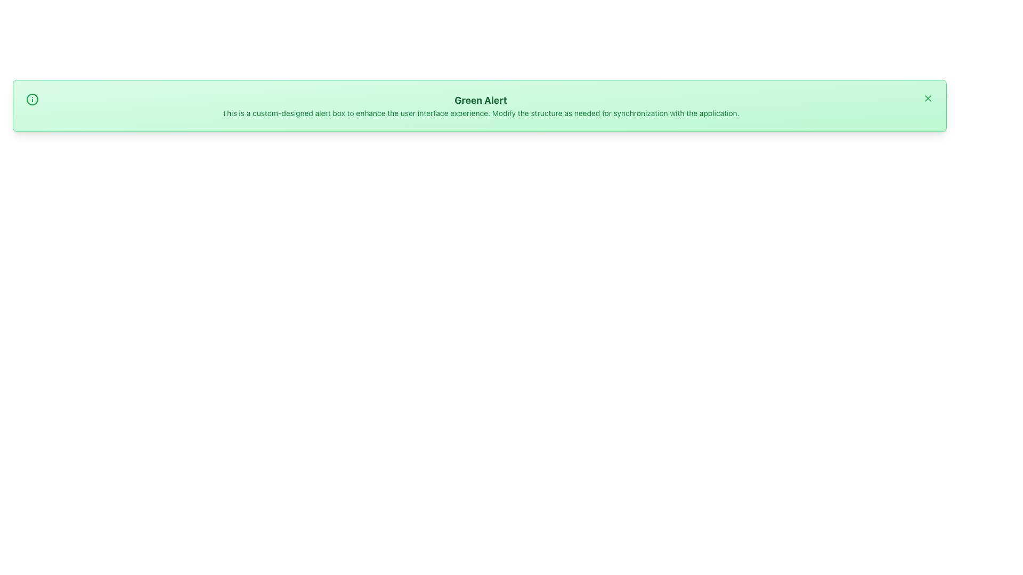 Image resolution: width=1023 pixels, height=575 pixels. What do you see at coordinates (928, 98) in the screenshot?
I see `the dismiss button located at the top-right corner of the green notification bar to enable keyboard accessibility` at bounding box center [928, 98].